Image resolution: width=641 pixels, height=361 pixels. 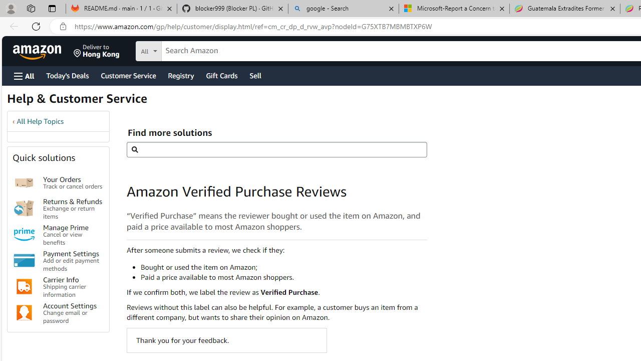 What do you see at coordinates (43, 50) in the screenshot?
I see `'Skip to main content'` at bounding box center [43, 50].